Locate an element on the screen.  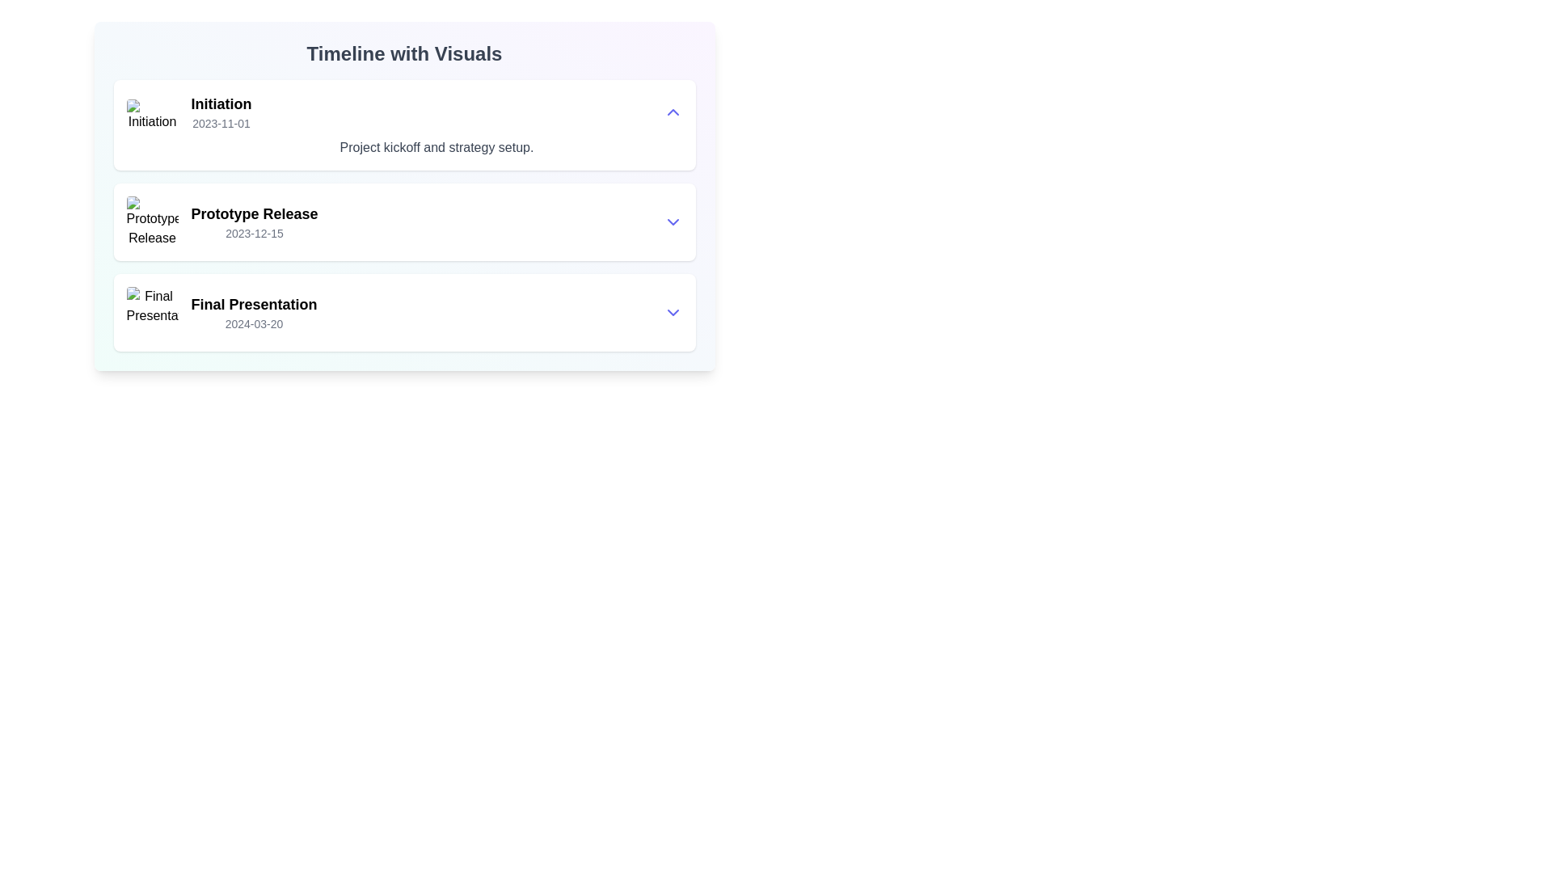
to interact with the 'Prototype Release' milestone entry in the timeline, which features a bold title and a date below it is located at coordinates (404, 214).